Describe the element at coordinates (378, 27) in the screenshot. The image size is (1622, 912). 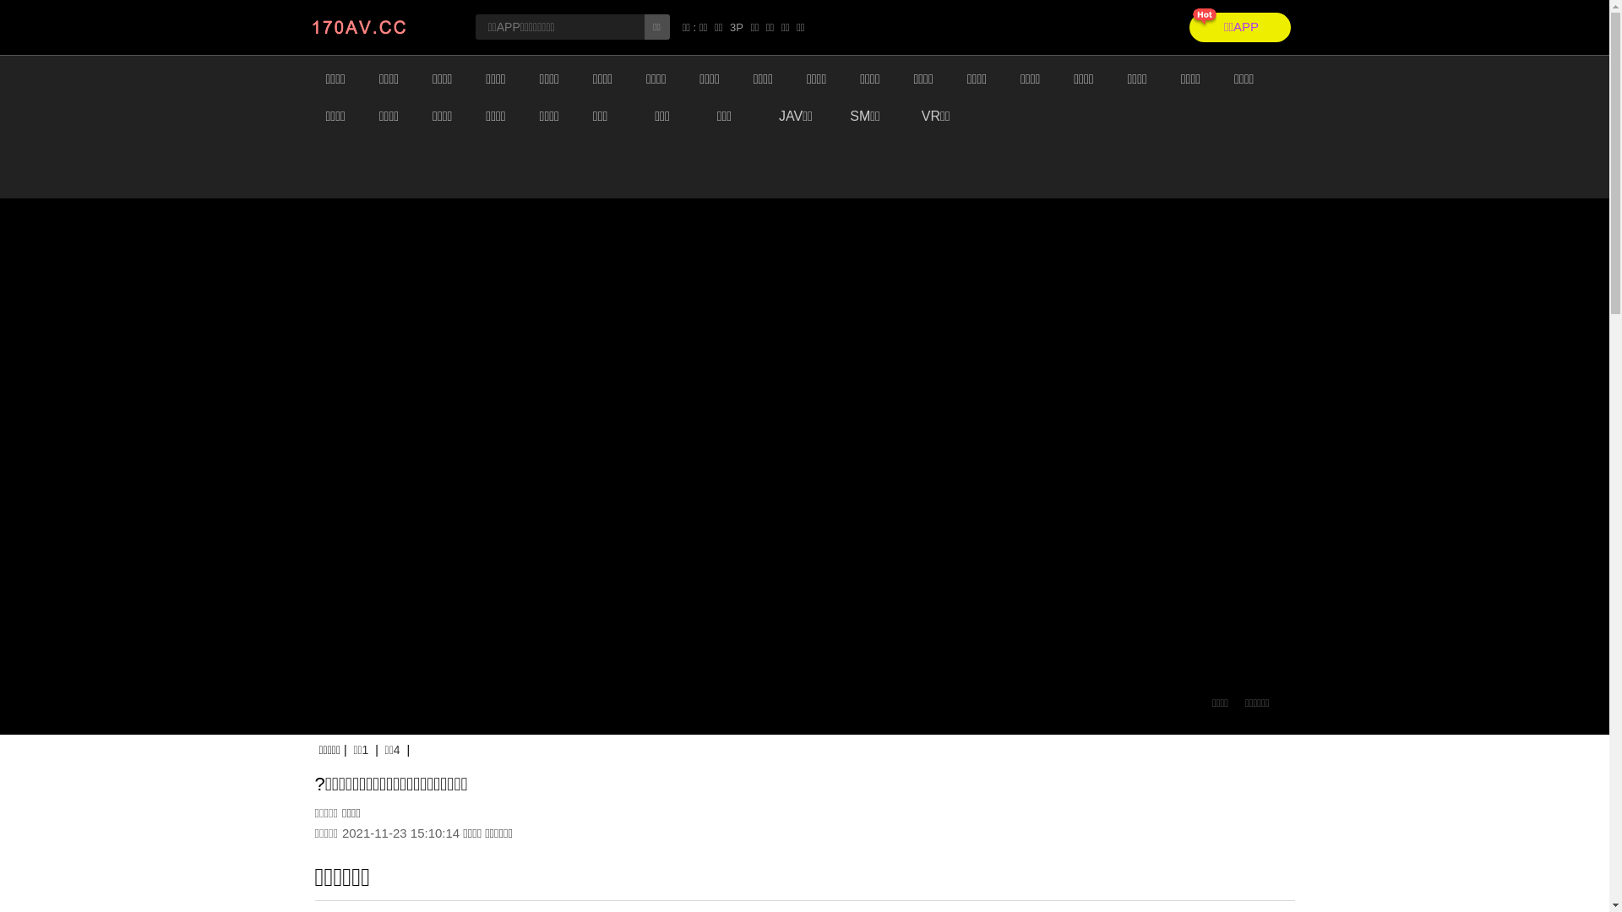
I see `'static/images/logo.jpg'` at that location.